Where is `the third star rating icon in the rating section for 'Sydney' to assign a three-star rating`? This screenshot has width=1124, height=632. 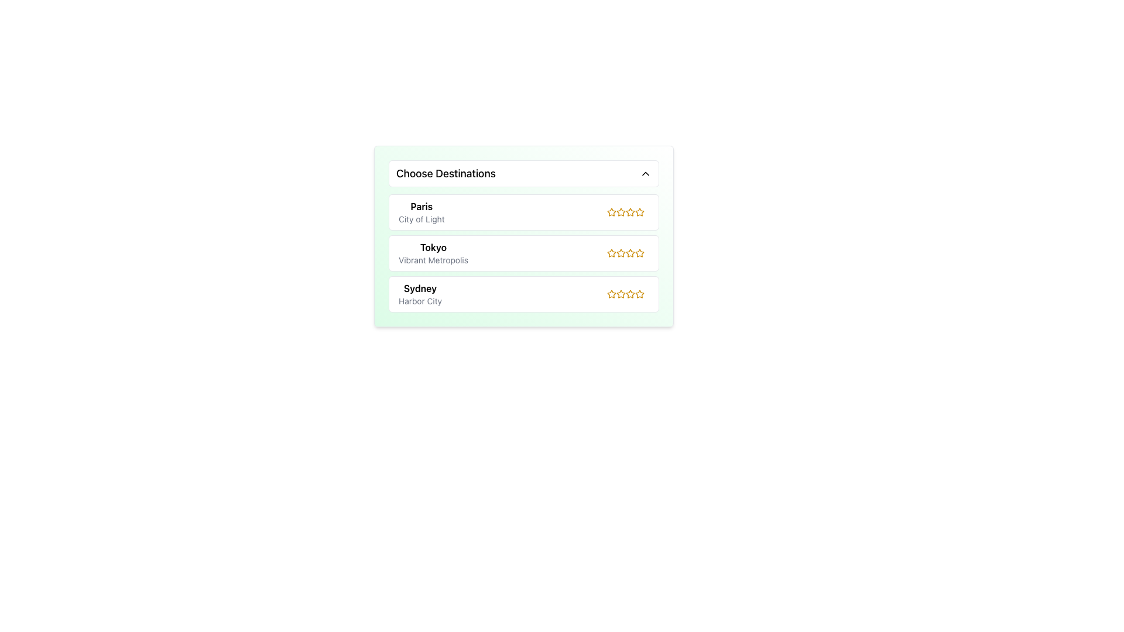
the third star rating icon in the rating section for 'Sydney' to assign a three-star rating is located at coordinates (629, 293).